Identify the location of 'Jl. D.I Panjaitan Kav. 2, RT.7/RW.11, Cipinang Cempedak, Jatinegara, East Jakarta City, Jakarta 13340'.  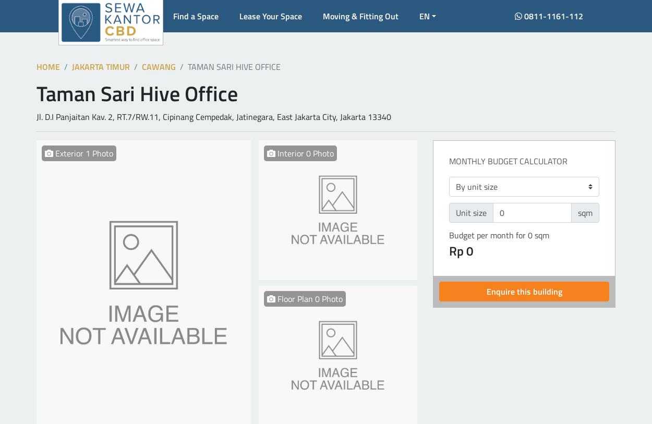
(214, 116).